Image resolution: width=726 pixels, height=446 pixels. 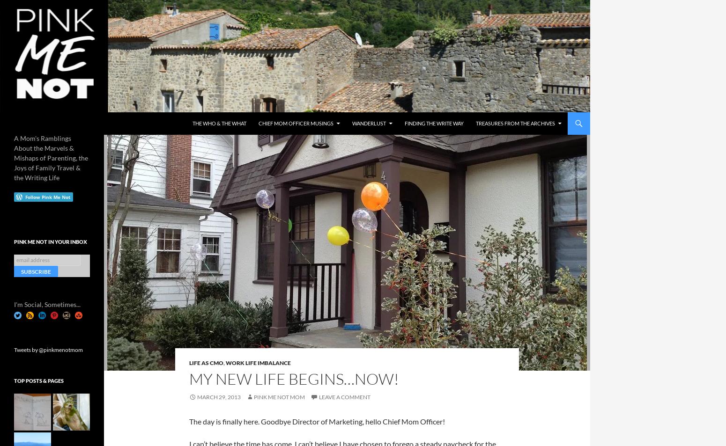 I want to click on 'Top Posts & Pages', so click(x=38, y=380).